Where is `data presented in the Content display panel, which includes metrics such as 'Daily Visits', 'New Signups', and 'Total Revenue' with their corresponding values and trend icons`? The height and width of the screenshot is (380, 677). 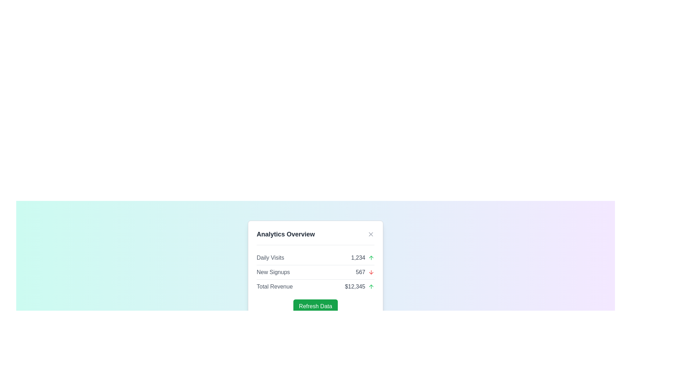
data presented in the Content display panel, which includes metrics such as 'Daily Visits', 'New Signups', and 'Total Revenue' with their corresponding values and trend icons is located at coordinates (315, 272).